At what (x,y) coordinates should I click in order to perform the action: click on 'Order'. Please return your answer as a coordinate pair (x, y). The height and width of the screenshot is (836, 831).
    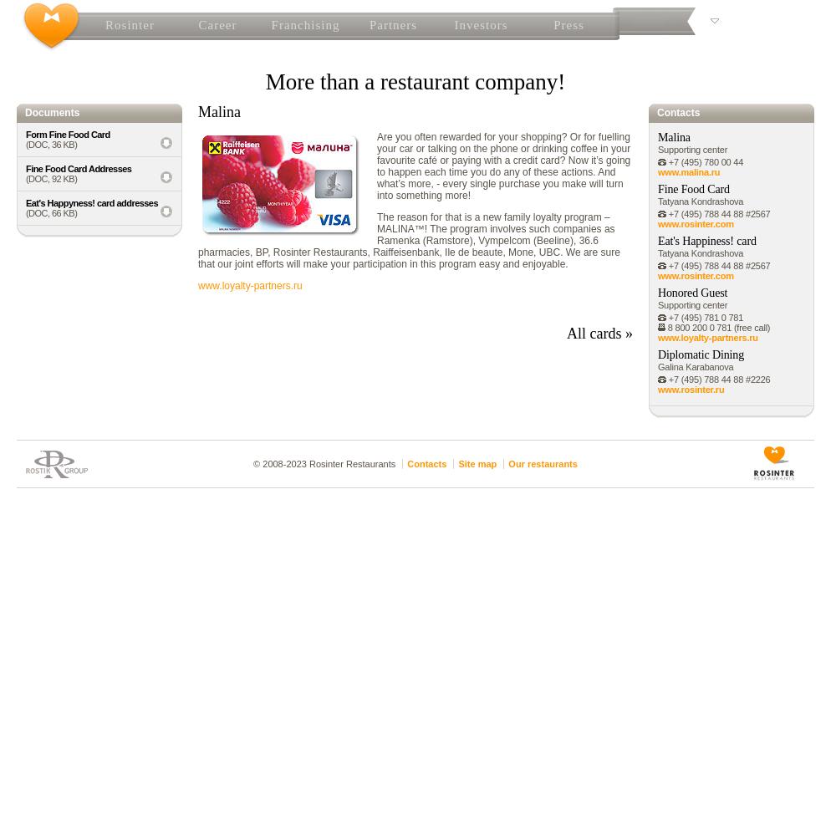
    Looking at the image, I should click on (412, 166).